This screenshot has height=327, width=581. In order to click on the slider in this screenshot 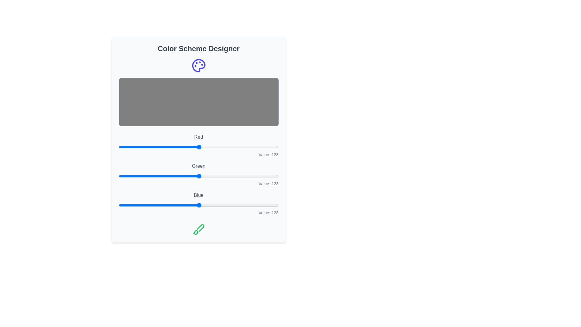, I will do `click(126, 176)`.